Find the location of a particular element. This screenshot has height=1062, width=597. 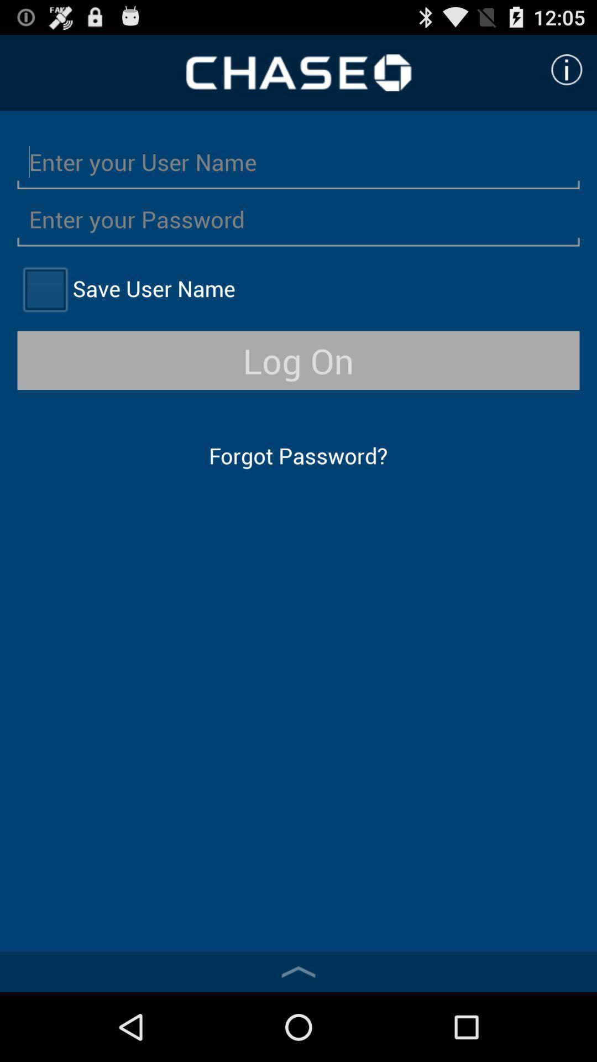

the icon above log on item is located at coordinates (44, 289).